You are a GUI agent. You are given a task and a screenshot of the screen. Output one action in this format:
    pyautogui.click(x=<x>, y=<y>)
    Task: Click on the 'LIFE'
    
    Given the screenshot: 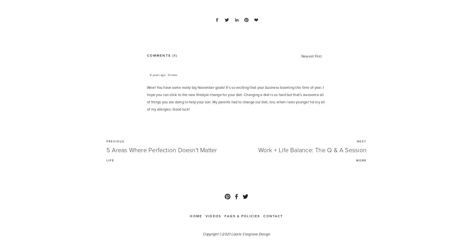 What is the action you would take?
    pyautogui.click(x=107, y=160)
    